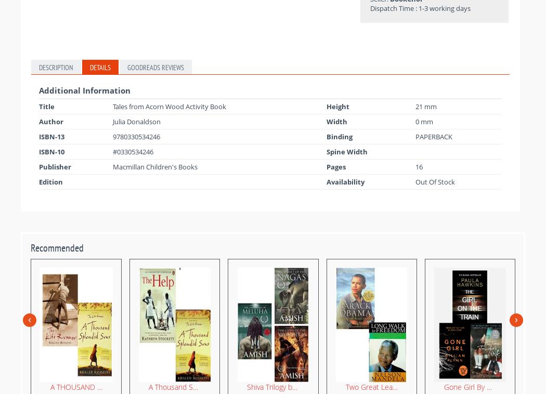  I want to click on '21 mm', so click(415, 106).